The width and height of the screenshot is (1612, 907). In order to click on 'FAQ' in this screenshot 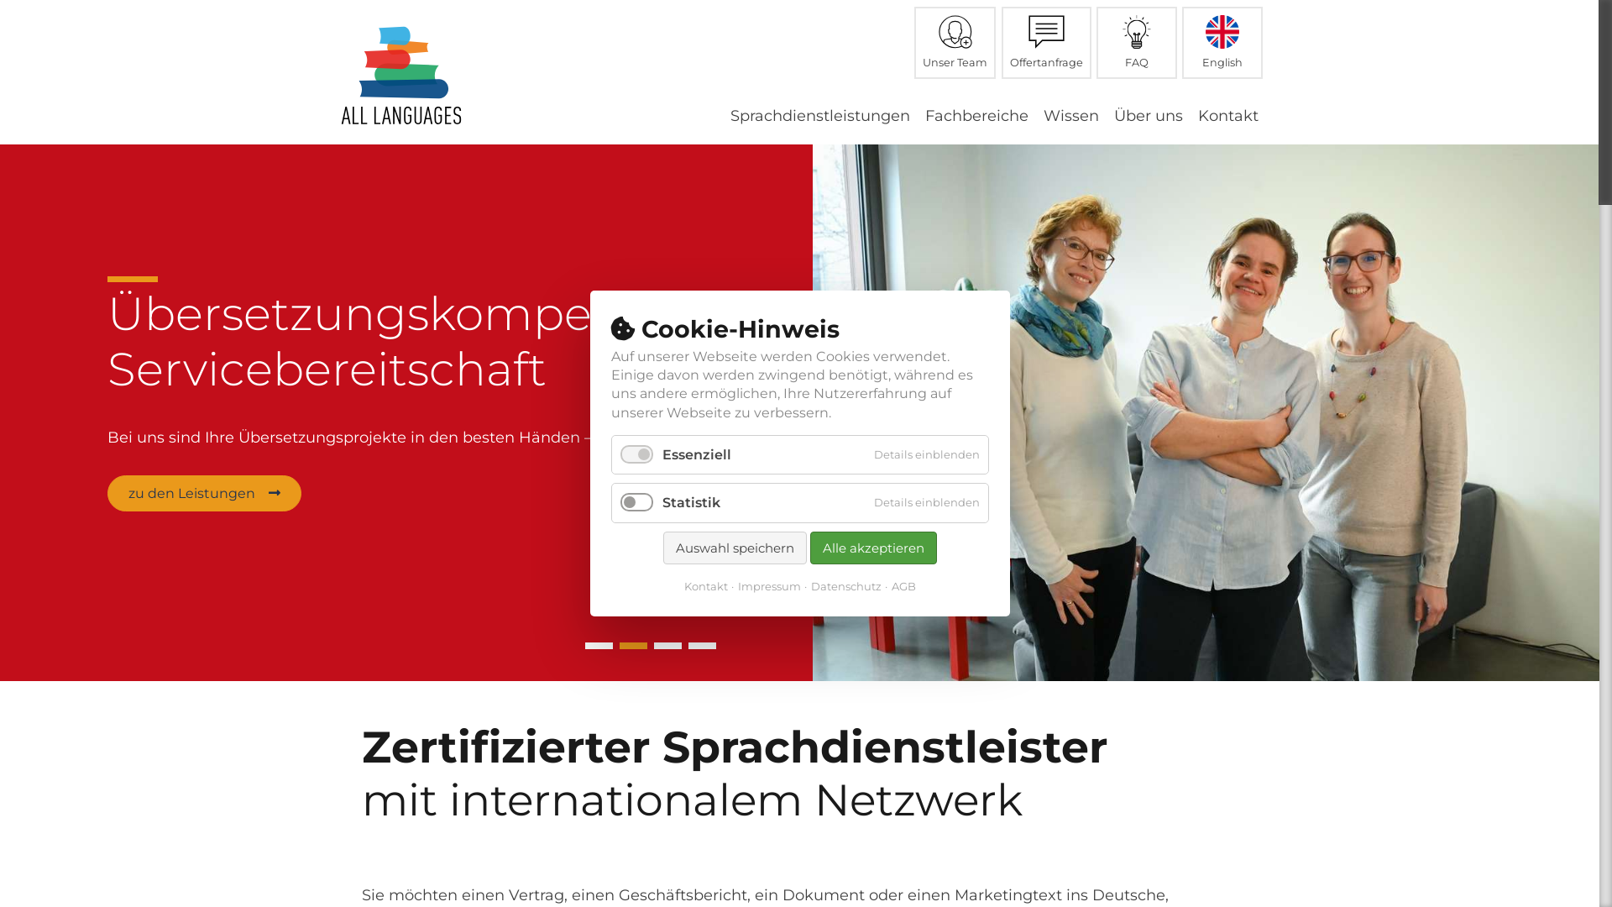, I will do `click(1136, 41)`.